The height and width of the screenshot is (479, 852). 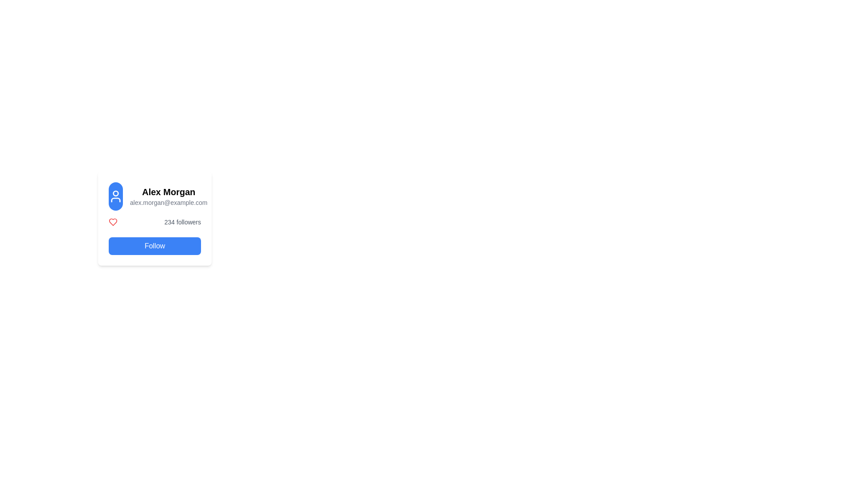 What do you see at coordinates (169, 191) in the screenshot?
I see `the Text Label displaying the name 'Alex Morgan', which serves as a user identifier within the profile card on the left side of the interface` at bounding box center [169, 191].